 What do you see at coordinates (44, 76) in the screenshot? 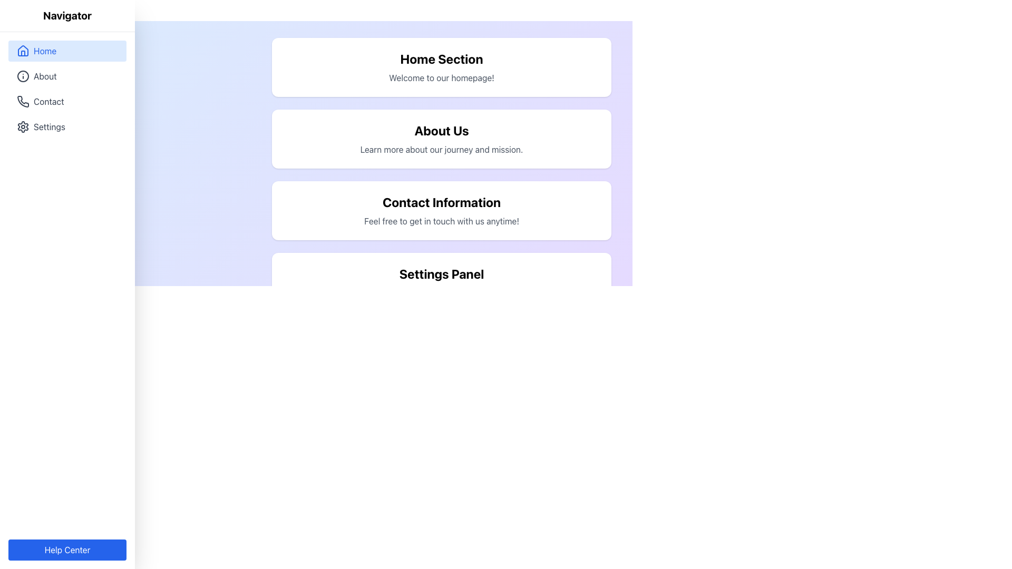
I see `the 'About' text label in the left-side vertical navigation panel, which indicates the corresponding section of the interface` at bounding box center [44, 76].